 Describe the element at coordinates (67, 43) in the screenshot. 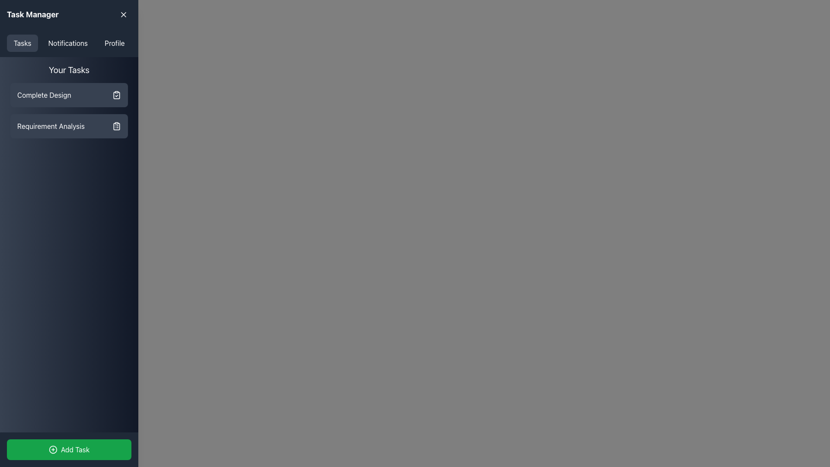

I see `the rectangular button labeled 'Notifications'` at that location.